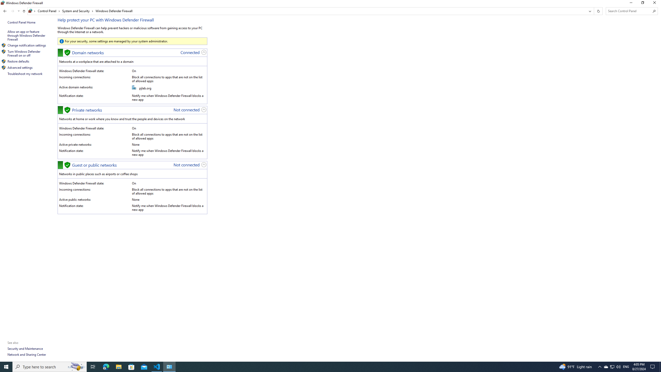  Describe the element at coordinates (26, 354) in the screenshot. I see `'Network and Sharing Center'` at that location.